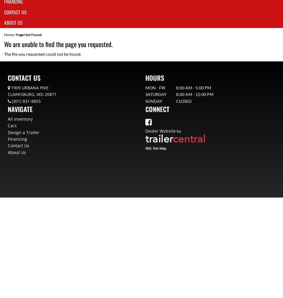 The width and height of the screenshot is (283, 298). What do you see at coordinates (32, 94) in the screenshot?
I see `'CLARKSBURG, MD 20871'` at bounding box center [32, 94].